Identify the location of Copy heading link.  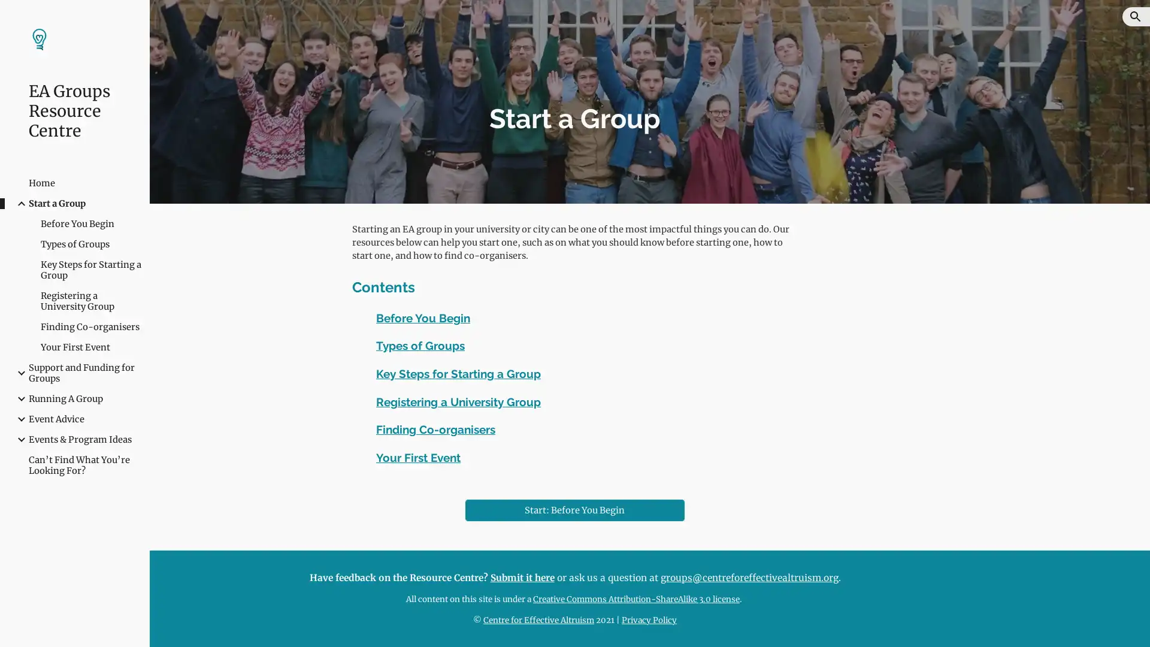
(558, 316).